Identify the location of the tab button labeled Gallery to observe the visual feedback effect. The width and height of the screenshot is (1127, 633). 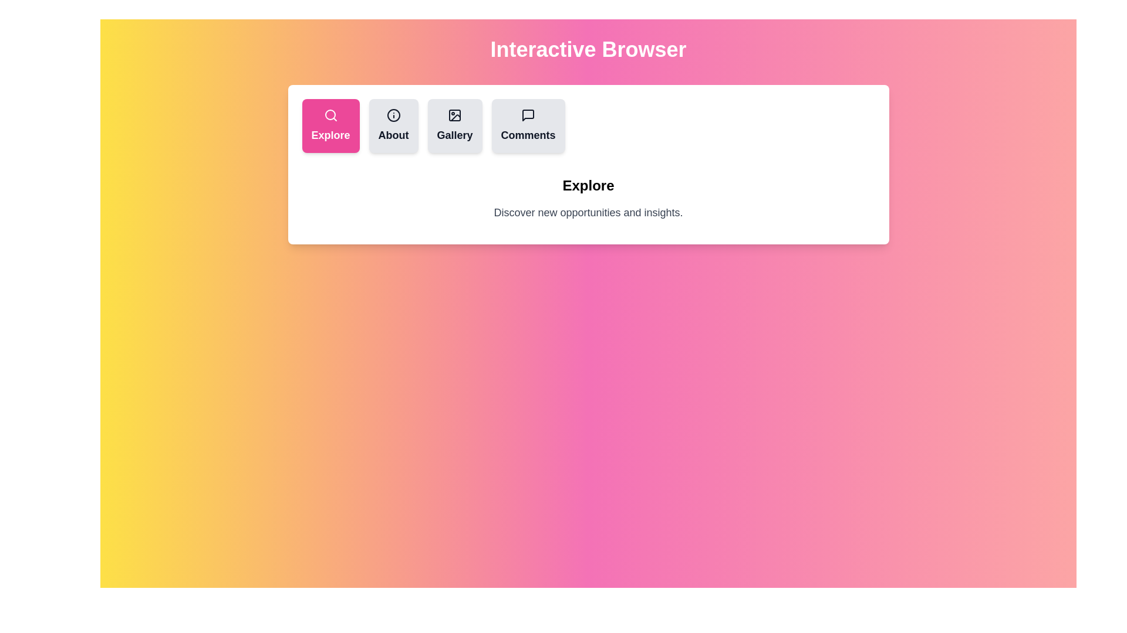
(454, 126).